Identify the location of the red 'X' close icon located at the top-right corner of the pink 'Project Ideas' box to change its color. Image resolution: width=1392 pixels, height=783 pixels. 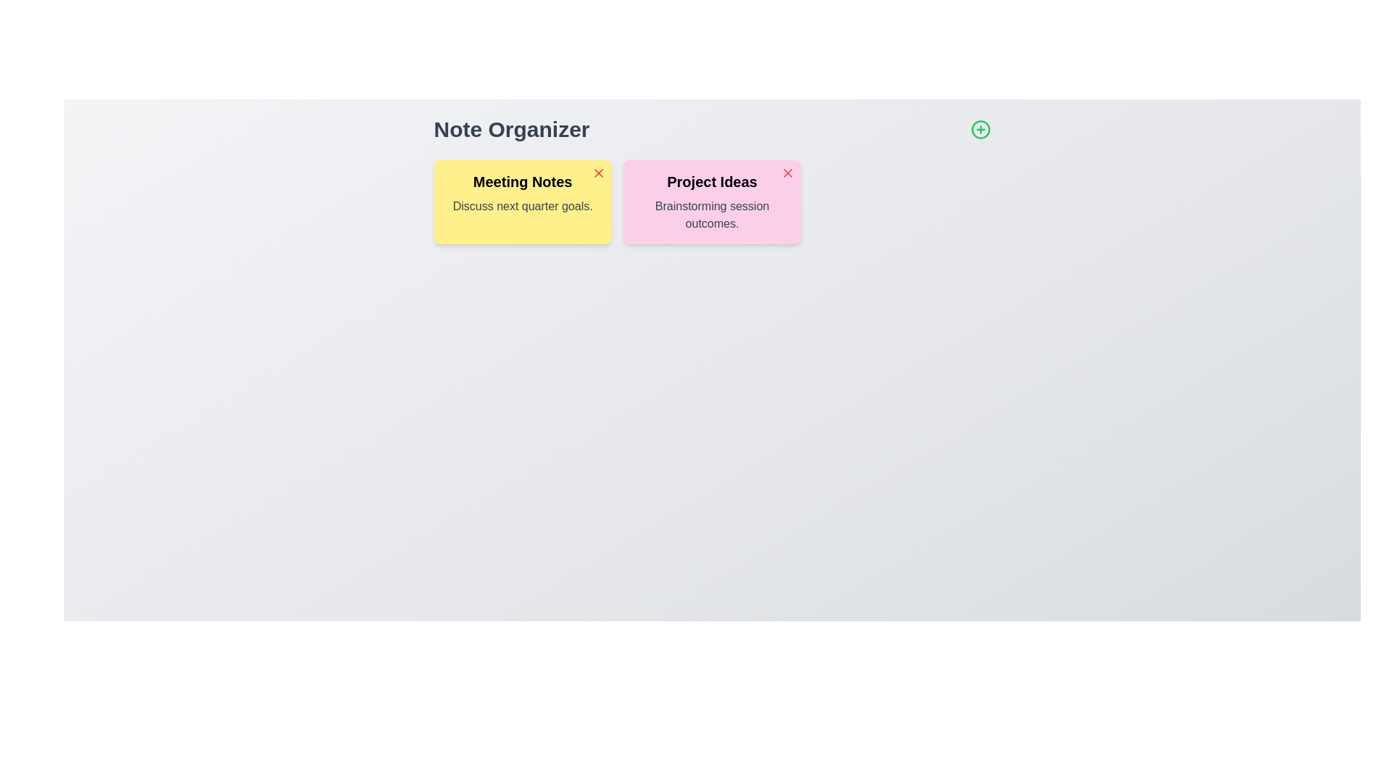
(787, 173).